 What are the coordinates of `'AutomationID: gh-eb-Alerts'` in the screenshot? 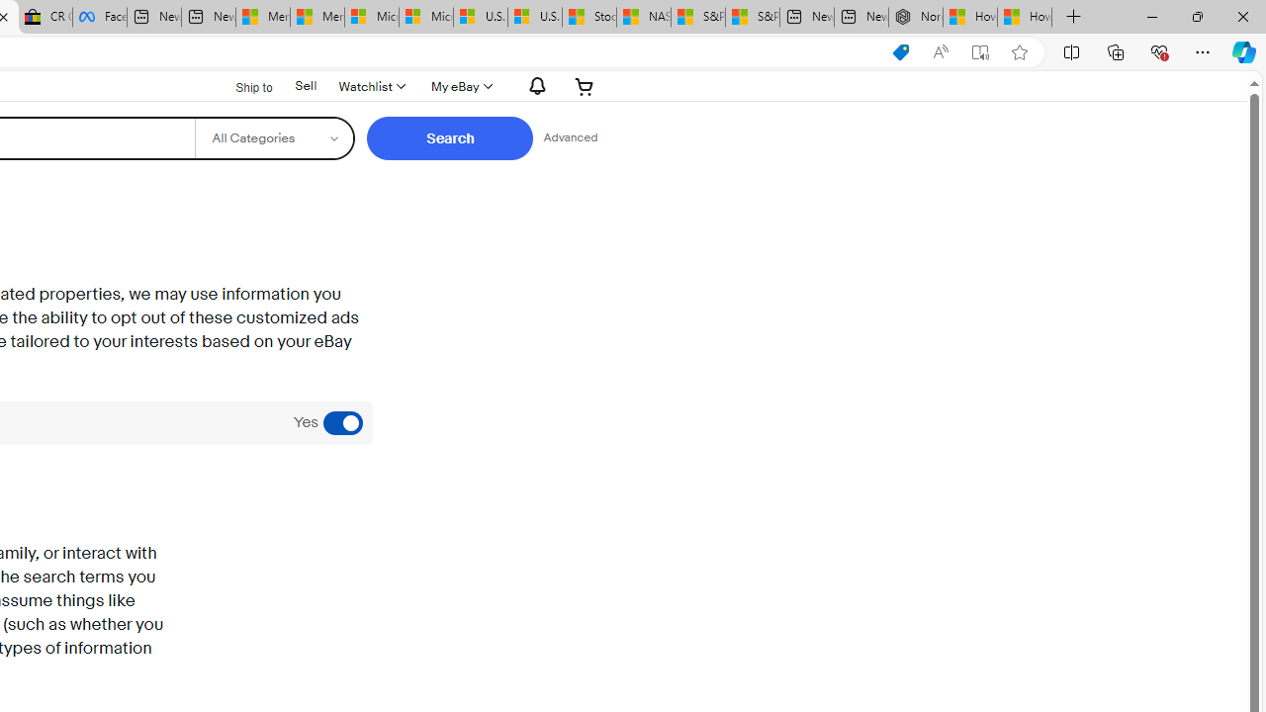 It's located at (534, 85).